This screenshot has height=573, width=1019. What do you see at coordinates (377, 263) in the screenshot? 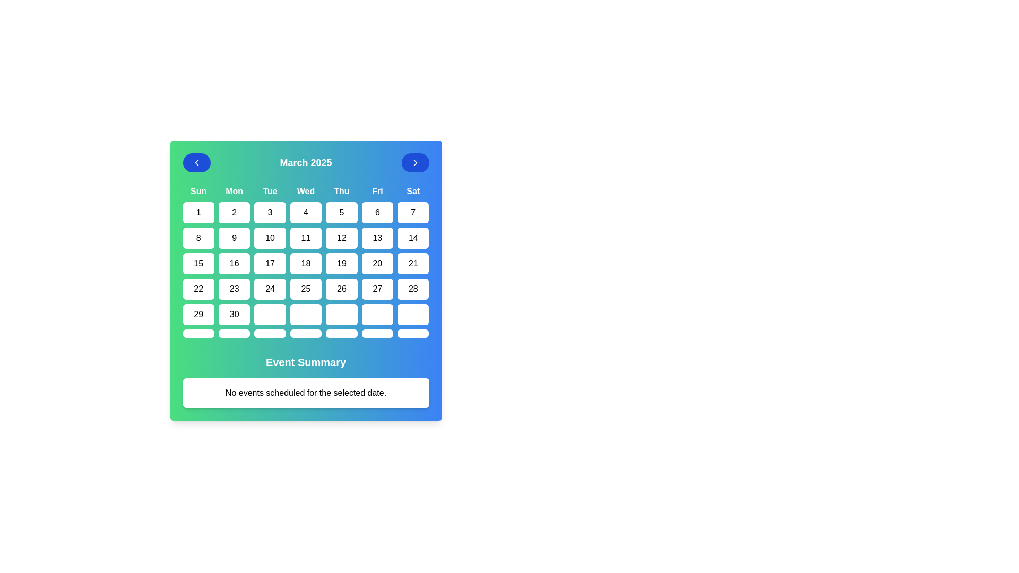
I see `the button labeled '20' located in the fourth row and sixth column of the calendar grid` at bounding box center [377, 263].